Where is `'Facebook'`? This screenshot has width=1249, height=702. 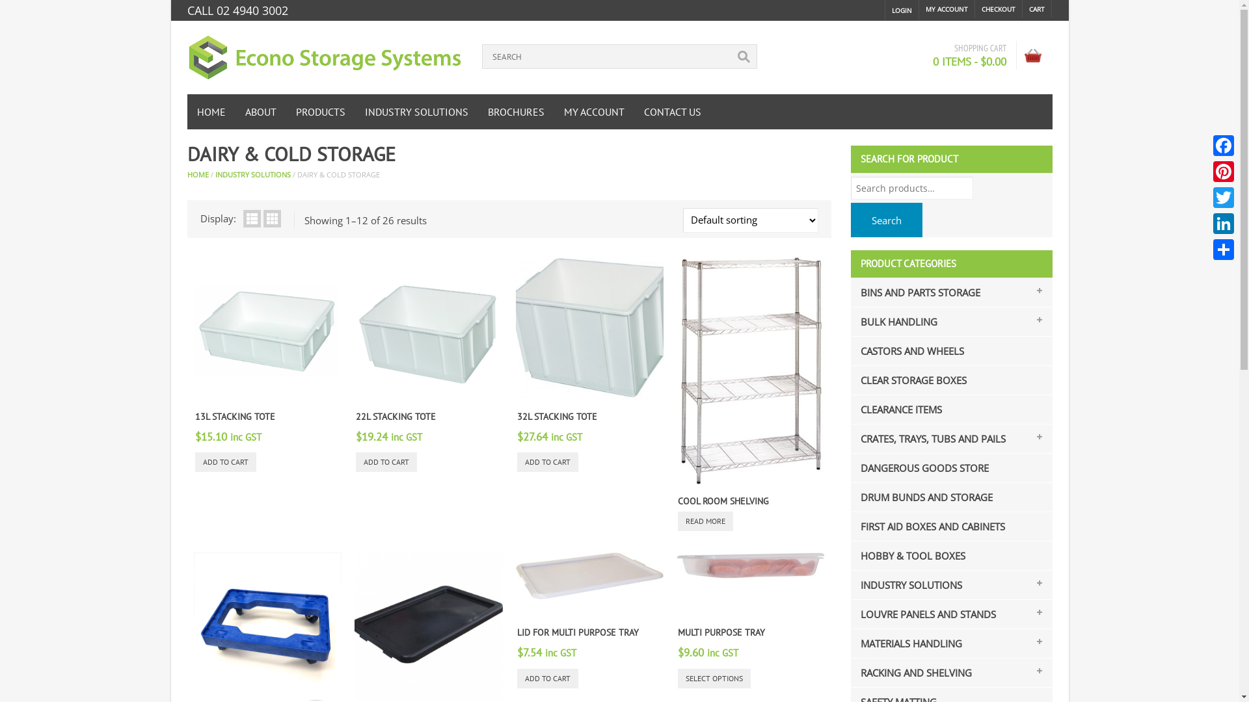 'Facebook' is located at coordinates (1223, 145).